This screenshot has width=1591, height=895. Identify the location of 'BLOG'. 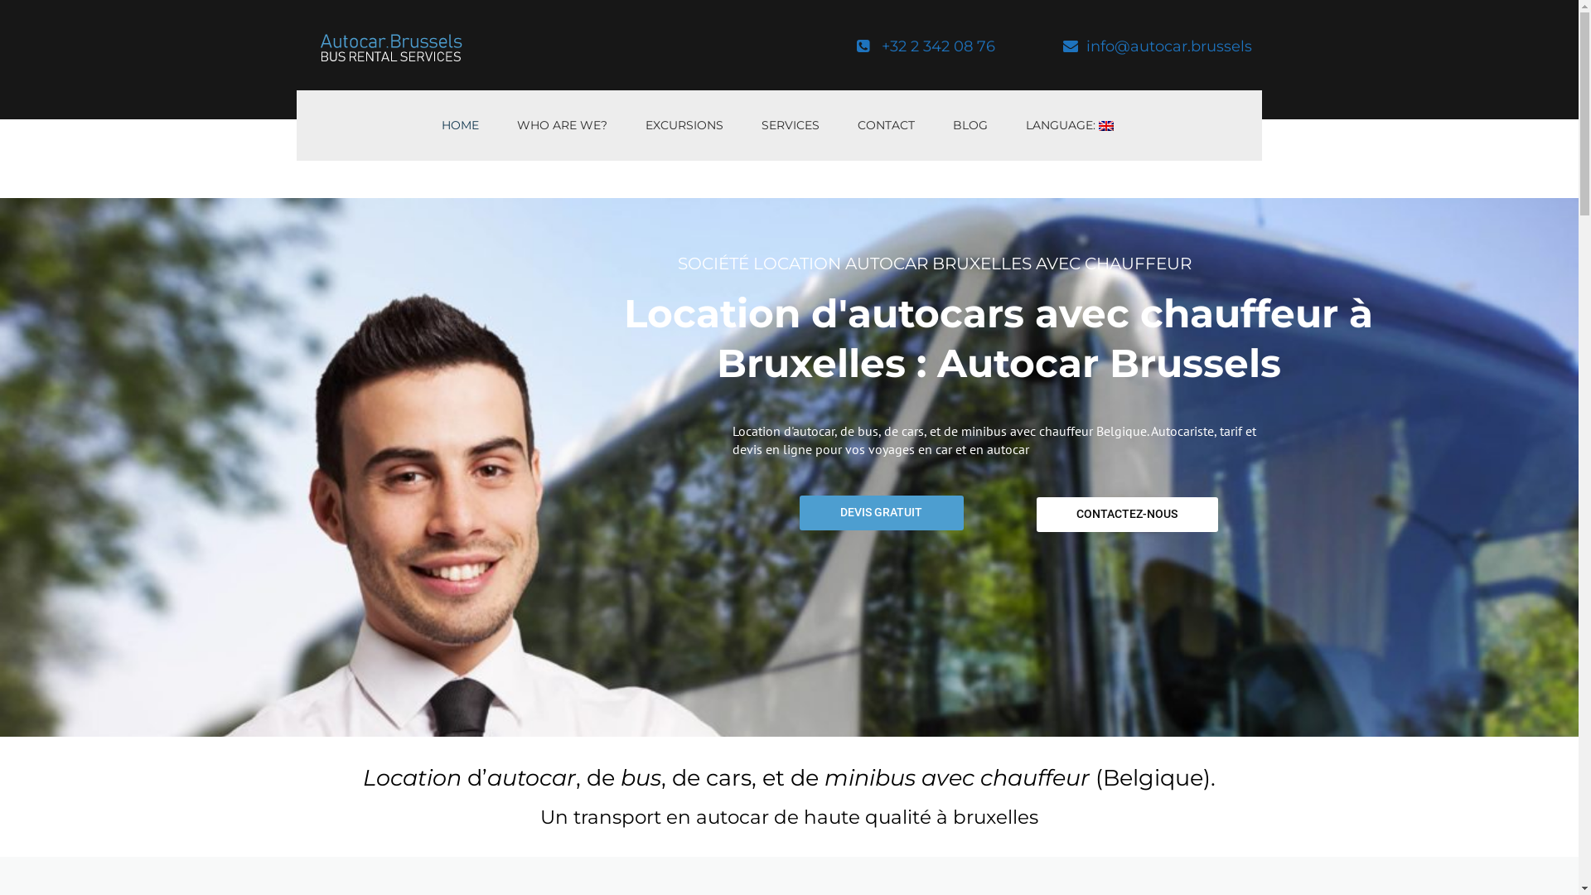
(970, 124).